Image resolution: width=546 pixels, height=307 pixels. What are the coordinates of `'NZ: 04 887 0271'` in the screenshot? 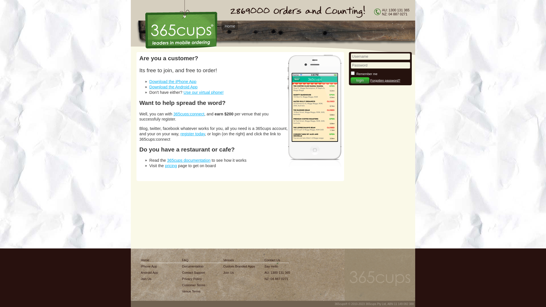 It's located at (264, 278).